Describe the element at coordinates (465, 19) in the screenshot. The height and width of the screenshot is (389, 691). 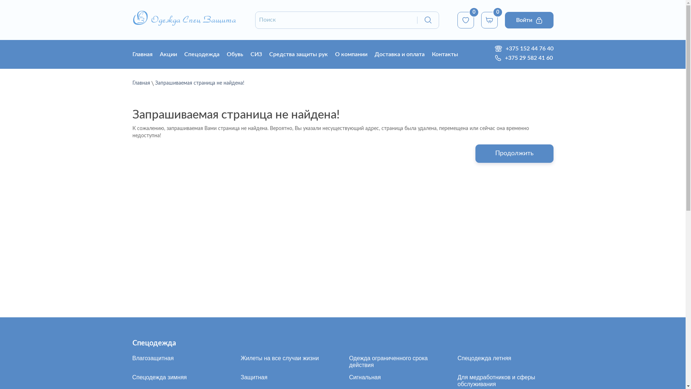
I see `'0'` at that location.